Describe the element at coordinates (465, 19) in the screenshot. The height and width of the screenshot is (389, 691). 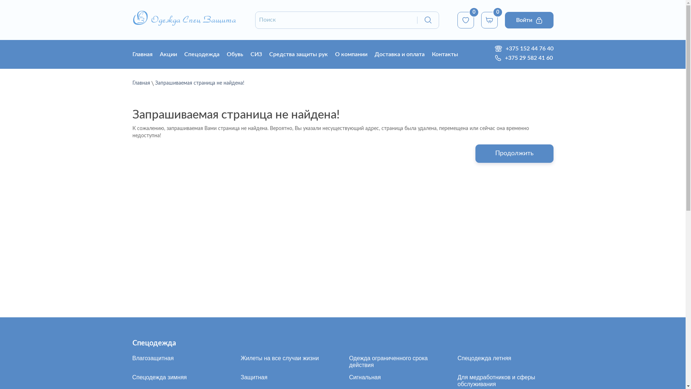
I see `'0'` at that location.